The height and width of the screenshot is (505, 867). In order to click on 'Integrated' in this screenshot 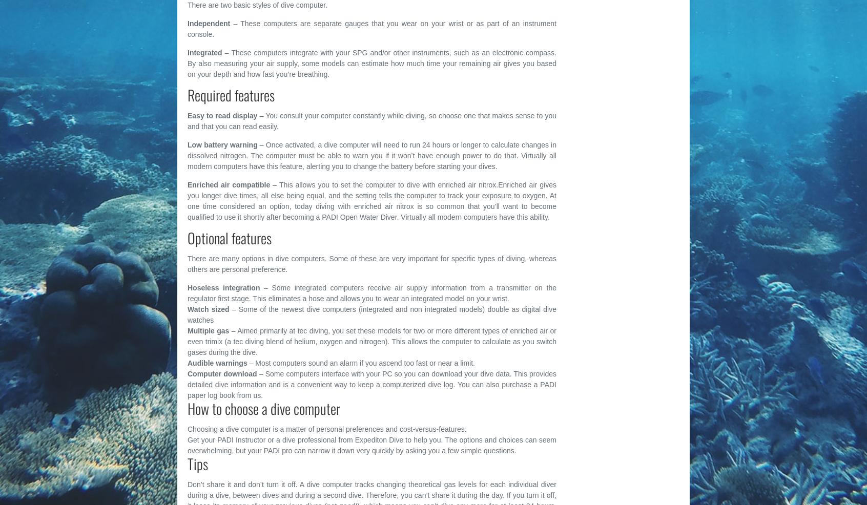, I will do `click(204, 53)`.